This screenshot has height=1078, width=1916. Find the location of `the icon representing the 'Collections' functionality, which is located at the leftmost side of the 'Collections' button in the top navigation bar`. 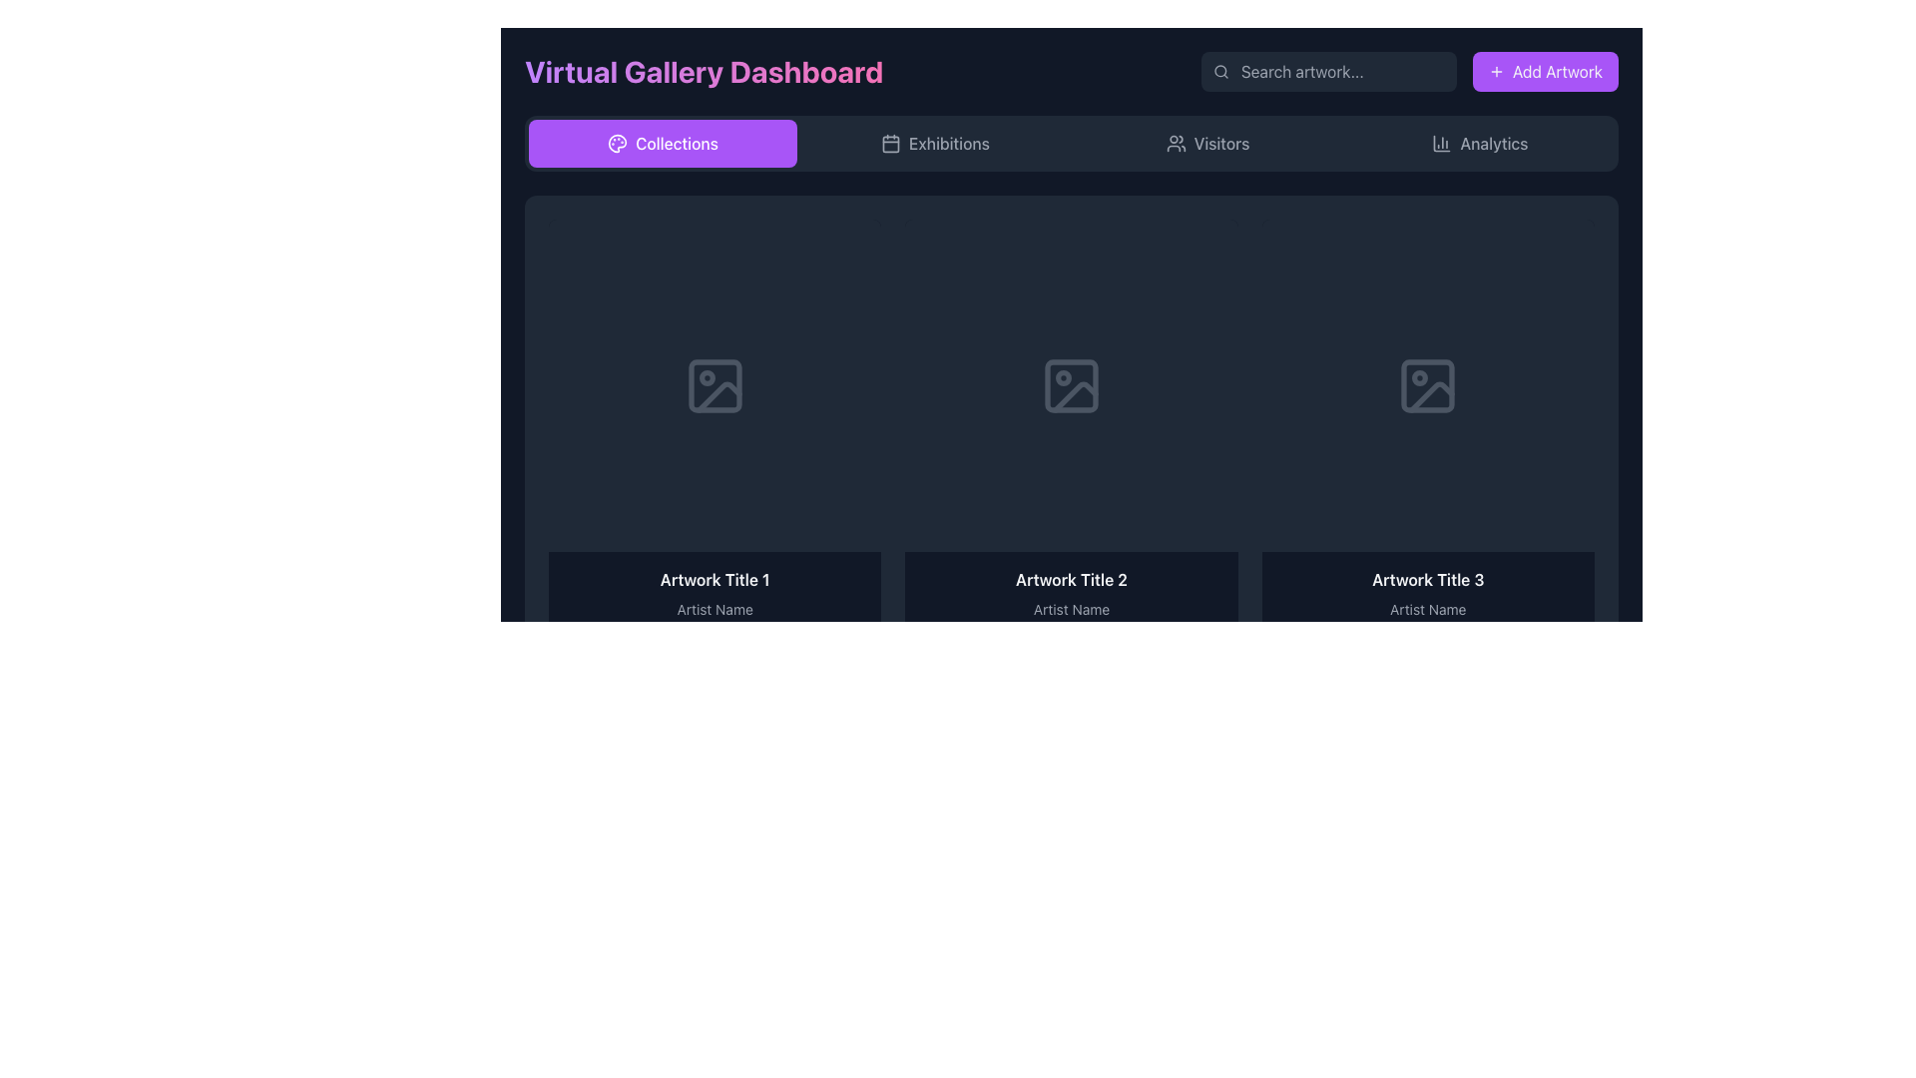

the icon representing the 'Collections' functionality, which is located at the leftmost side of the 'Collections' button in the top navigation bar is located at coordinates (617, 142).